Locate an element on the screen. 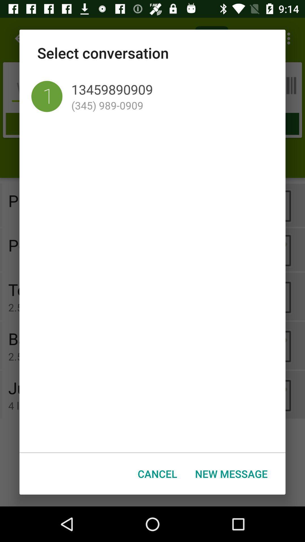 This screenshot has width=305, height=542. the new message icon is located at coordinates (231, 474).